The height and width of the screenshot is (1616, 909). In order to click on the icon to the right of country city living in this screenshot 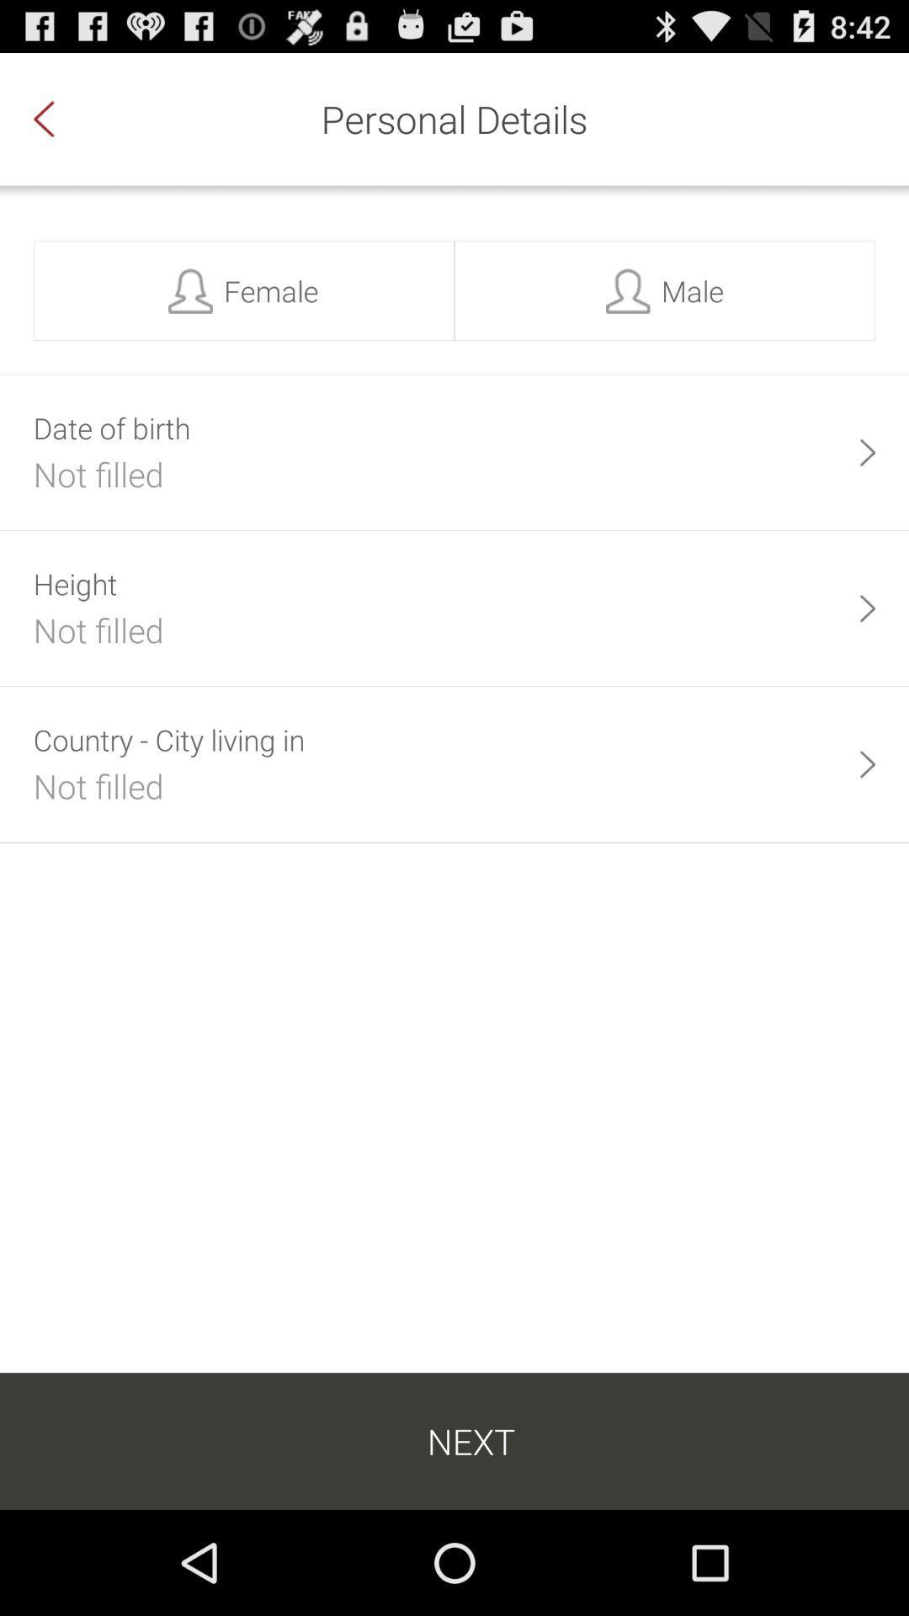, I will do `click(867, 763)`.